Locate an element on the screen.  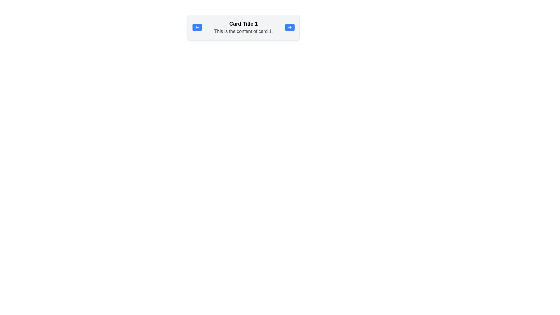
text content of the text block displaying 'This is the content of card 1.' which is styled in gray and located below the title 'Card Title 1' is located at coordinates (244, 32).